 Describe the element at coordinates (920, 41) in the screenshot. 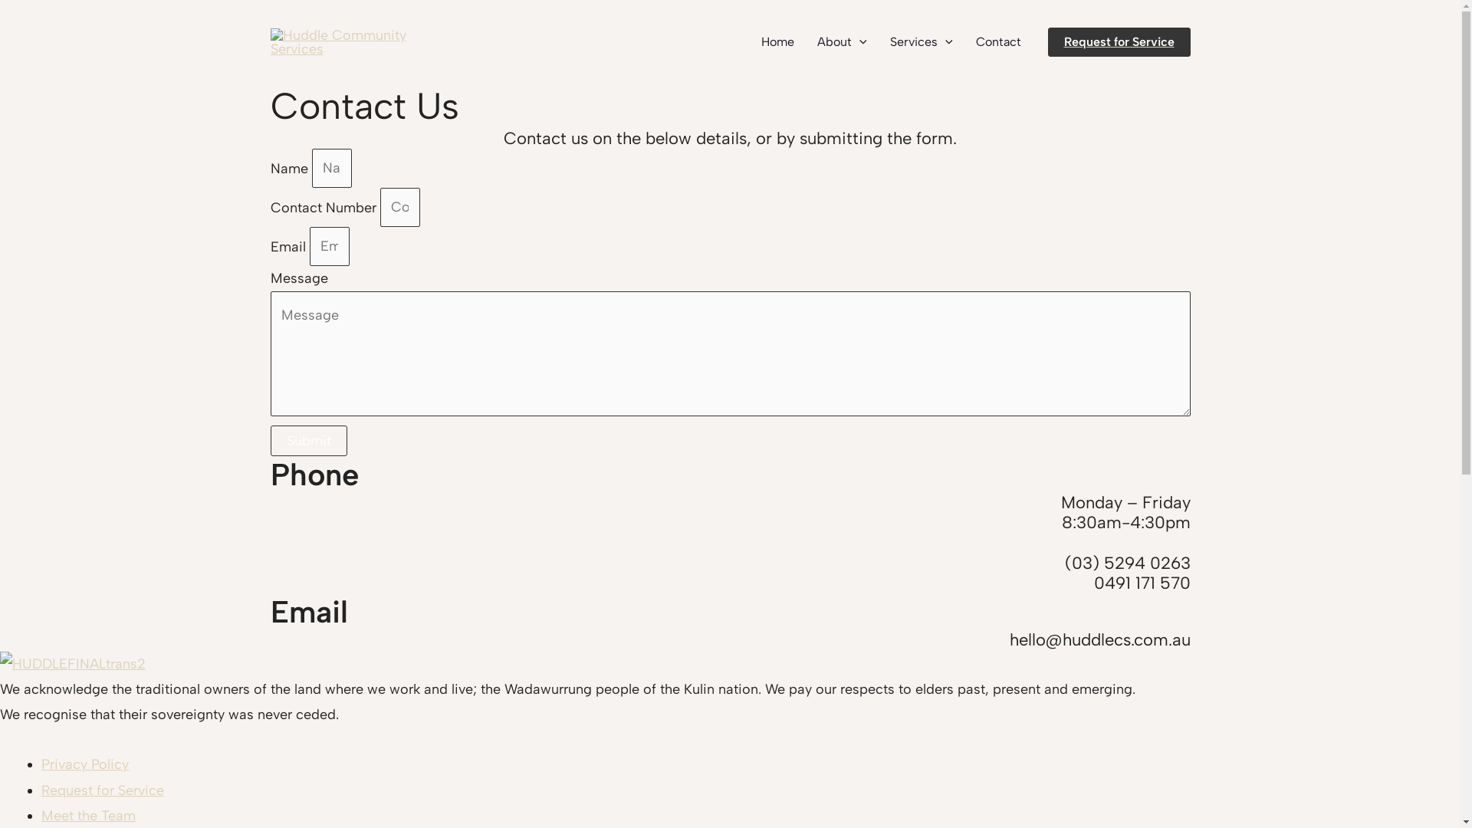

I see `'Services'` at that location.